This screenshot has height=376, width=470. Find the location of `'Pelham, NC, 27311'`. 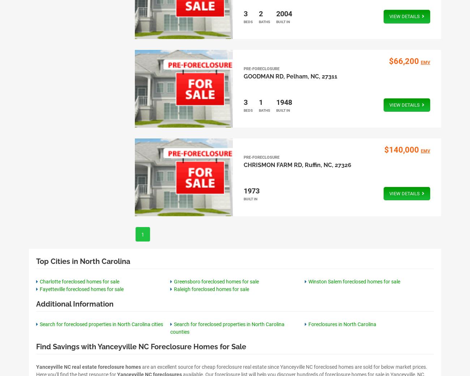

'Pelham, NC, 27311' is located at coordinates (311, 76).